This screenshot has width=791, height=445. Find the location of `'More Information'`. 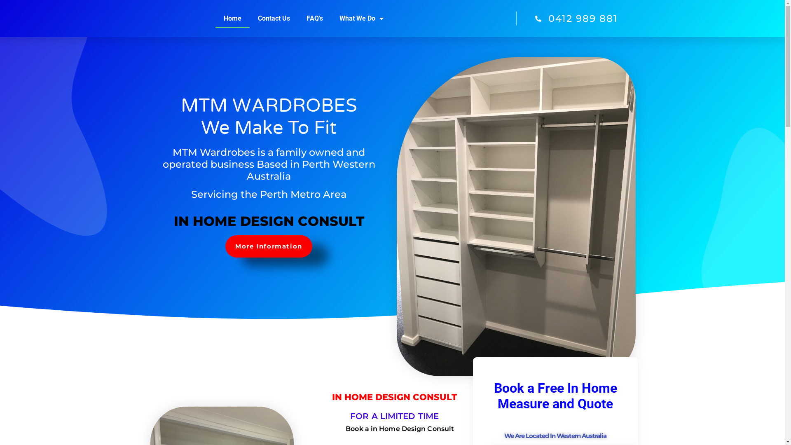

'More Information' is located at coordinates (269, 246).